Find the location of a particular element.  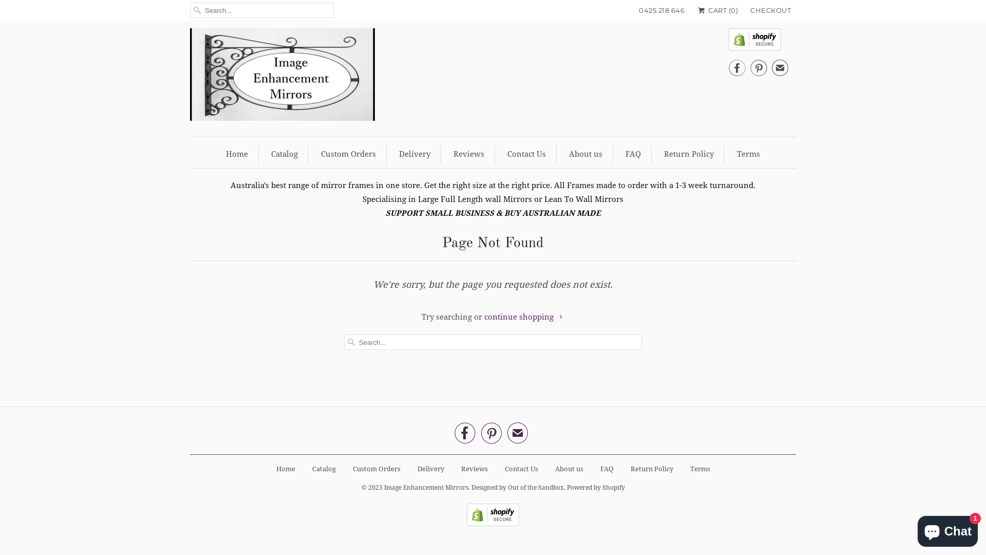

'Reviews' is located at coordinates (468, 154).